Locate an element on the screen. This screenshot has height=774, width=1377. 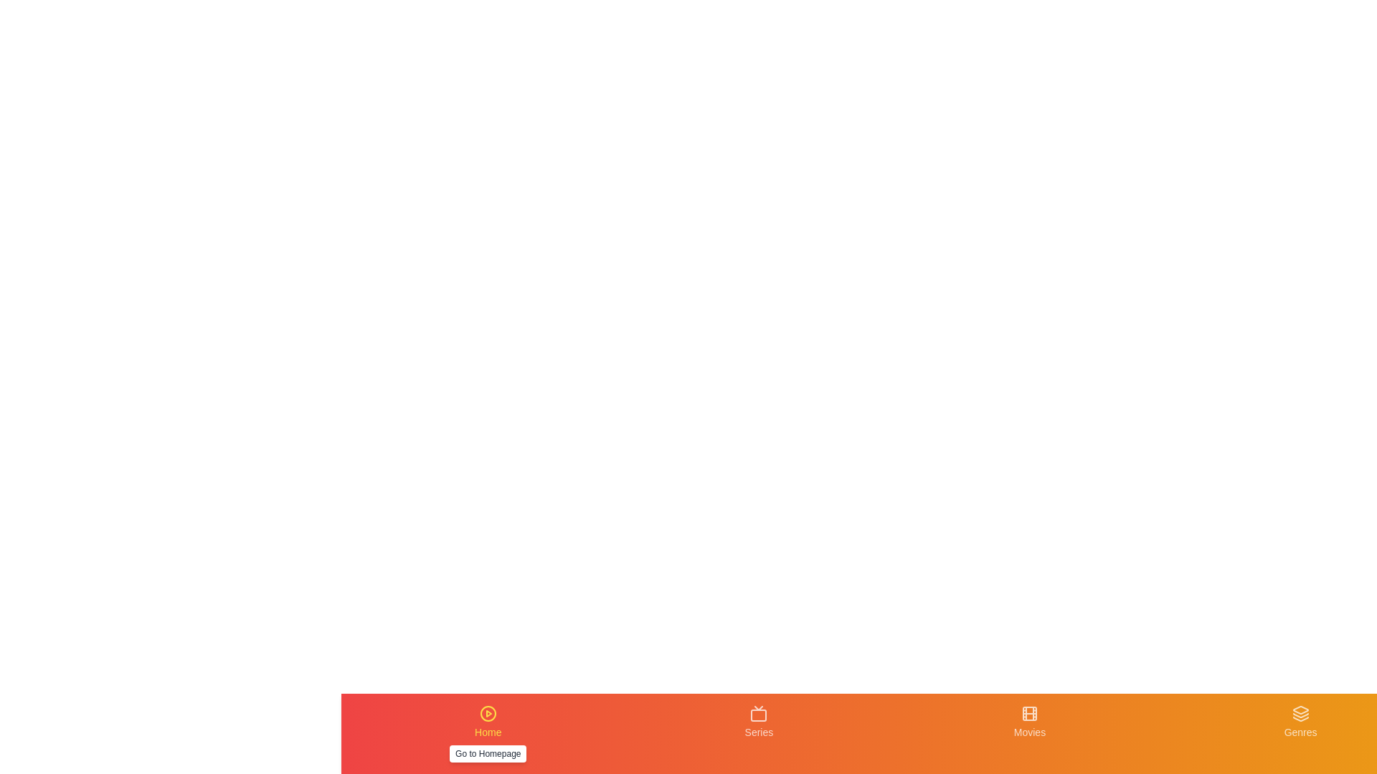
the tab labeled Genres to preview its details is located at coordinates (1301, 733).